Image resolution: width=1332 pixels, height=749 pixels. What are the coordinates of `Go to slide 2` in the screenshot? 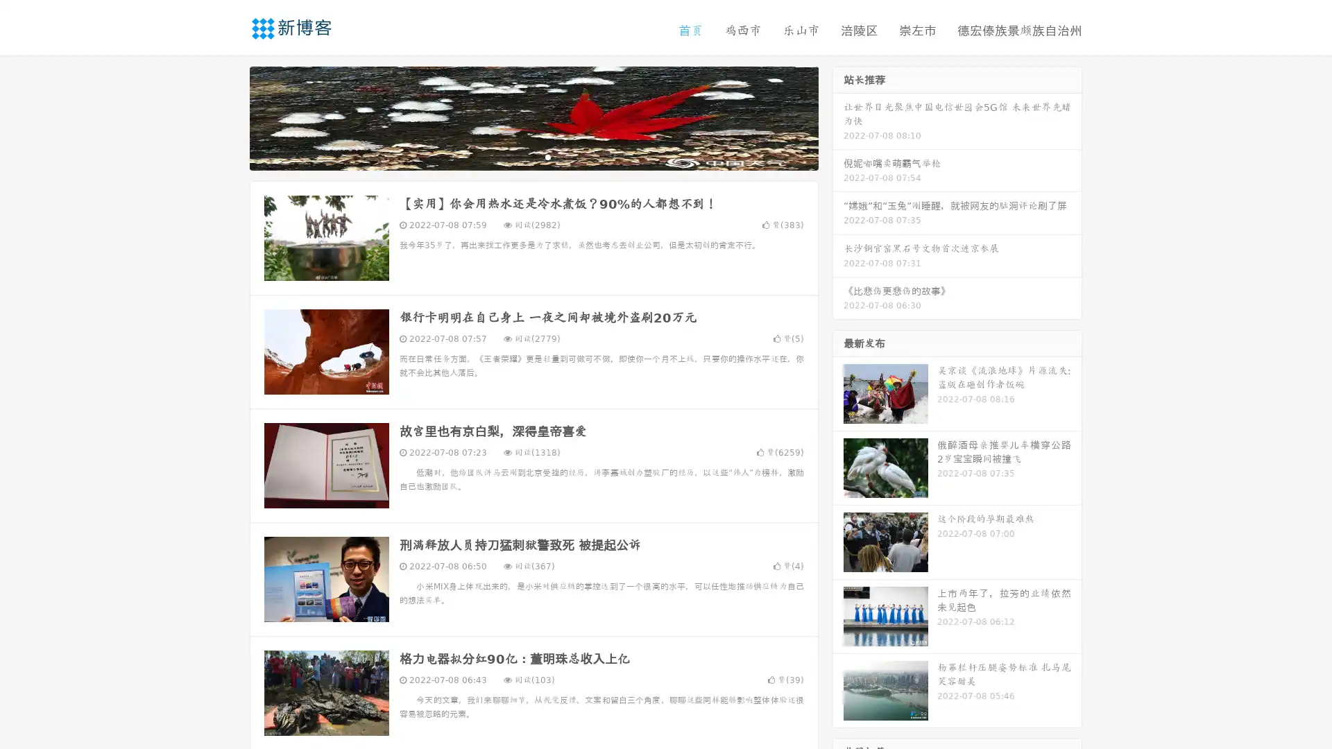 It's located at (533, 156).